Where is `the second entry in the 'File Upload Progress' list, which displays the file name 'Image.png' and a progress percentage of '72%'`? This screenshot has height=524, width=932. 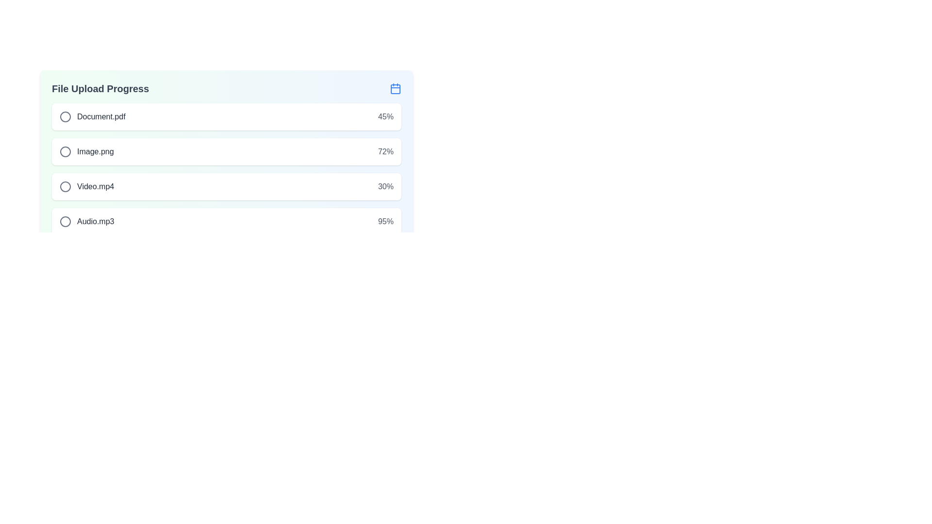
the second entry in the 'File Upload Progress' list, which displays the file name 'Image.png' and a progress percentage of '72%' is located at coordinates (226, 151).